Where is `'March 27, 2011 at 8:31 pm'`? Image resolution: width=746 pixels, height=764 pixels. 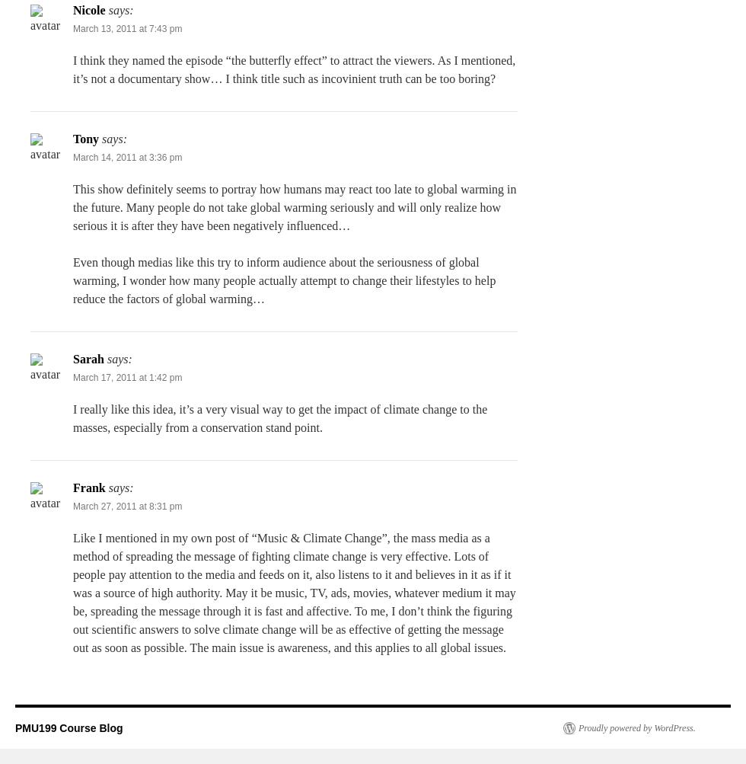 'March 27, 2011 at 8:31 pm' is located at coordinates (127, 506).